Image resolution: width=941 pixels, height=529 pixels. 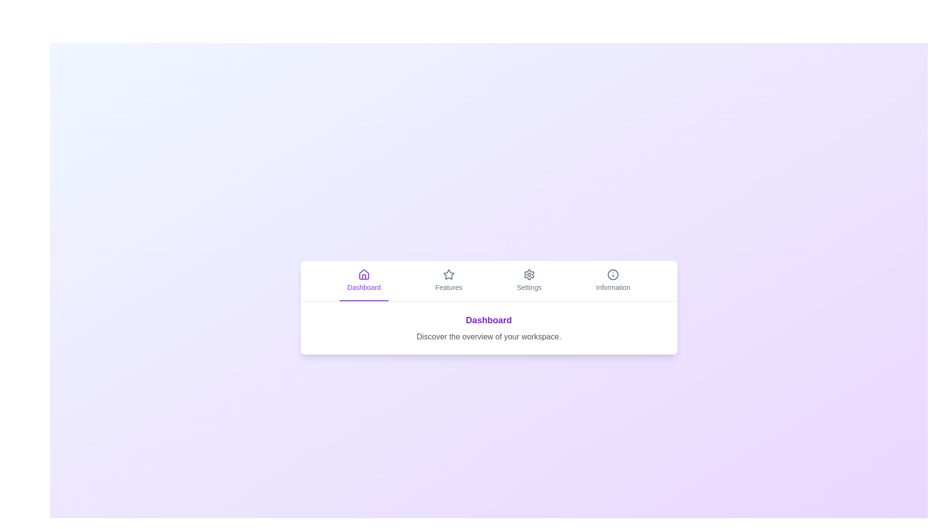 I want to click on the Dashboard tab to view its content, so click(x=363, y=281).